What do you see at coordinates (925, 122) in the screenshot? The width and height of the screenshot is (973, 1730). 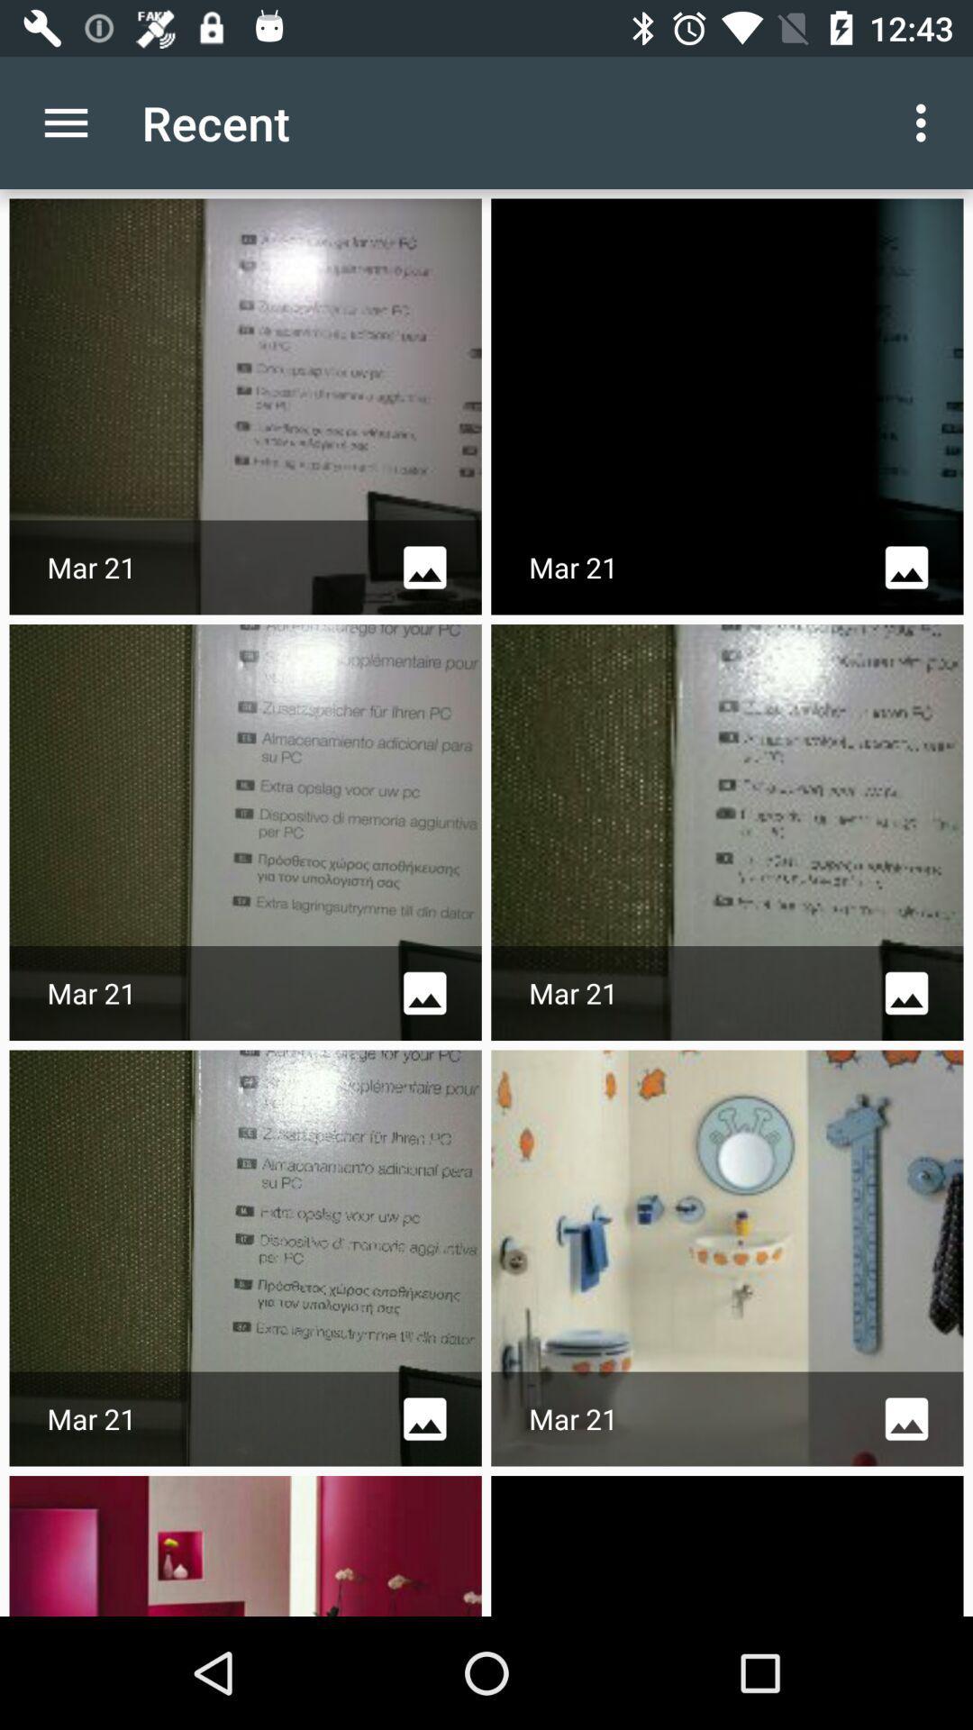 I see `icon to the right of recent` at bounding box center [925, 122].